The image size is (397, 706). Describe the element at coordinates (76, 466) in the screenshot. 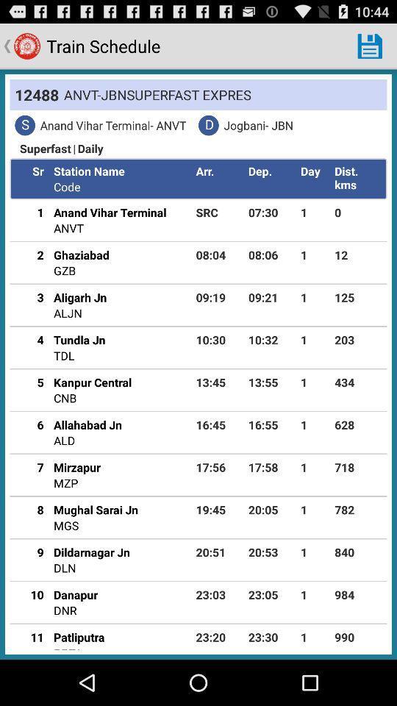

I see `the app to the left of the 17:56 item` at that location.